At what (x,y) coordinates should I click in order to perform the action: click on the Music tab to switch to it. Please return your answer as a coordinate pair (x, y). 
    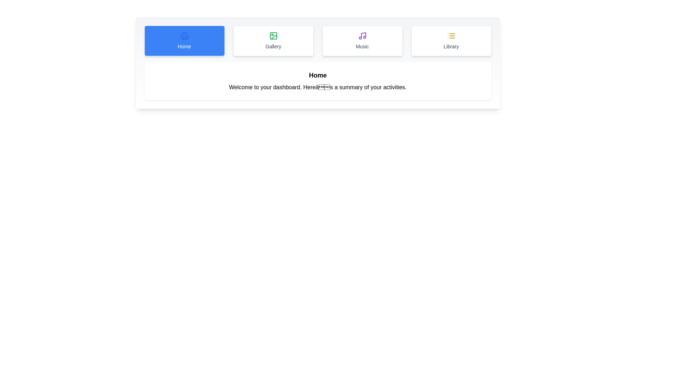
    Looking at the image, I should click on (362, 41).